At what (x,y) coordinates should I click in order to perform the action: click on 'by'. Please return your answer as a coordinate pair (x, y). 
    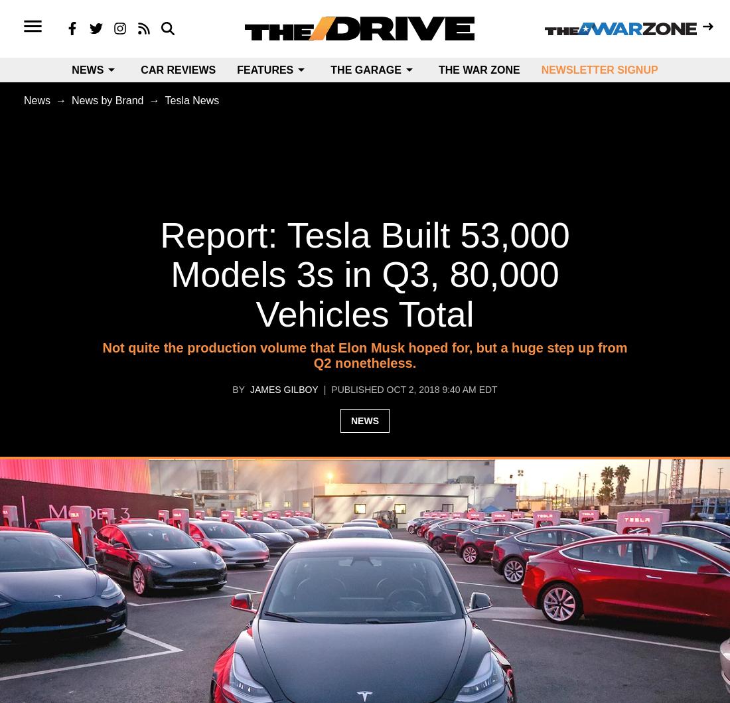
    Looking at the image, I should click on (238, 389).